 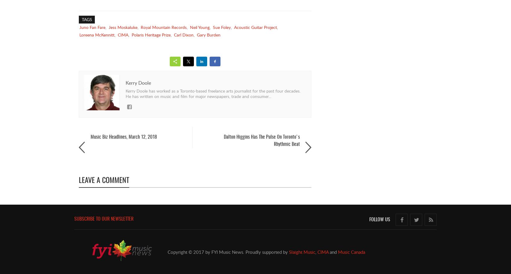 I want to click on 'Subscribe to our RSS Feed', so click(x=436, y=232).